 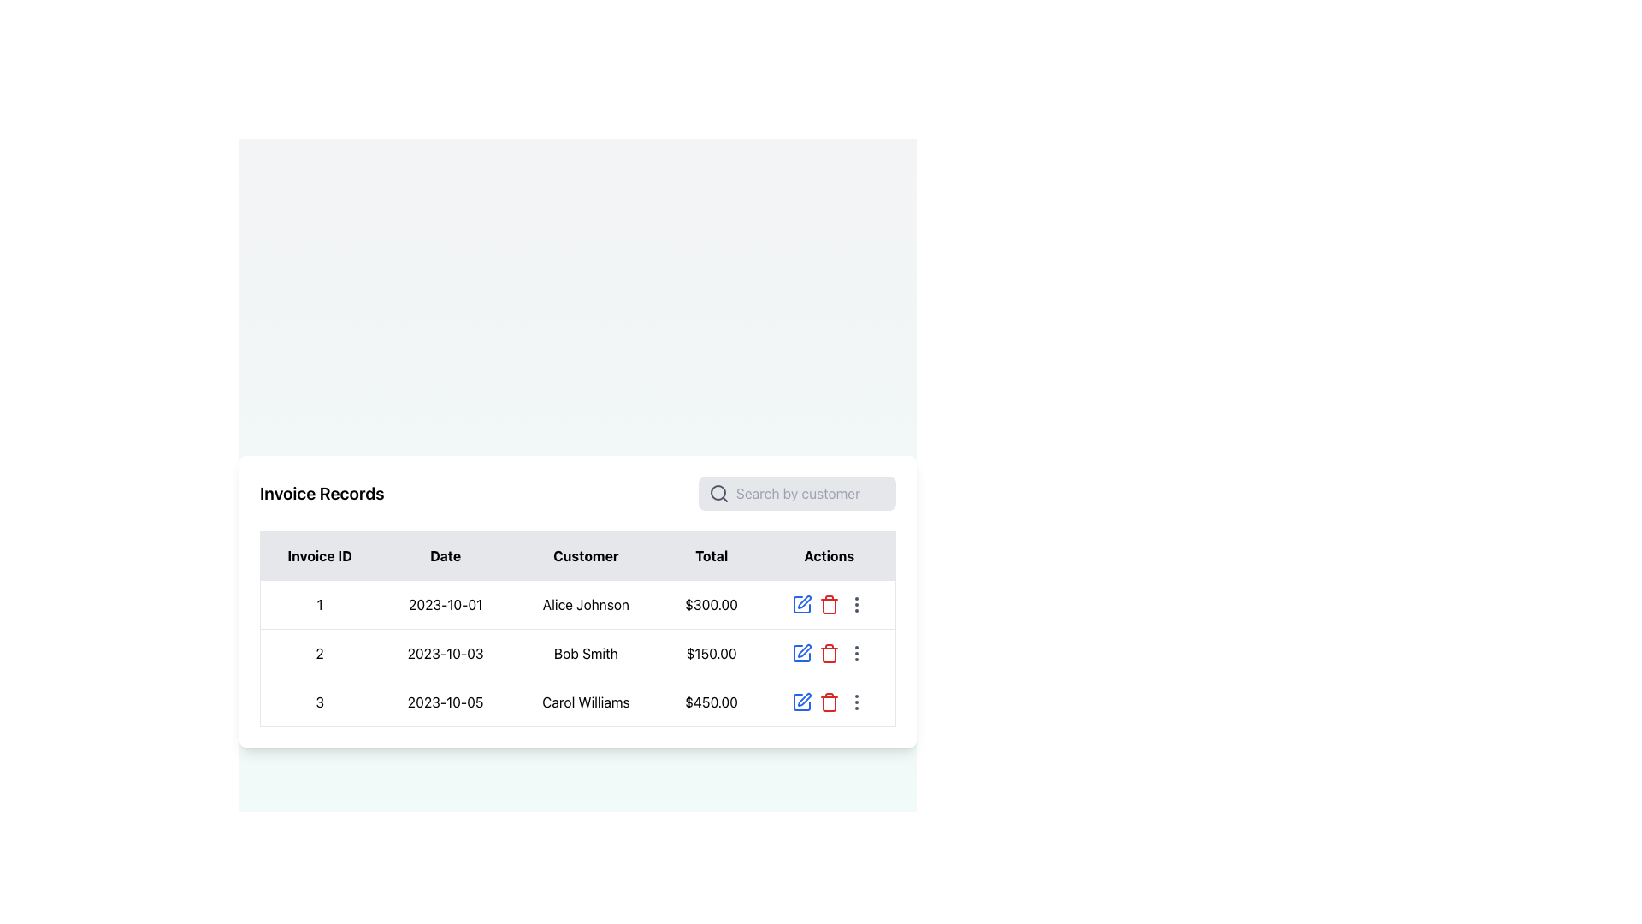 I want to click on the vertical ellipsis button (three dots) located in the 'Actions' column of the second row in the 'Invoice Records' table, associated with 'Bob Smith', so click(x=856, y=653).